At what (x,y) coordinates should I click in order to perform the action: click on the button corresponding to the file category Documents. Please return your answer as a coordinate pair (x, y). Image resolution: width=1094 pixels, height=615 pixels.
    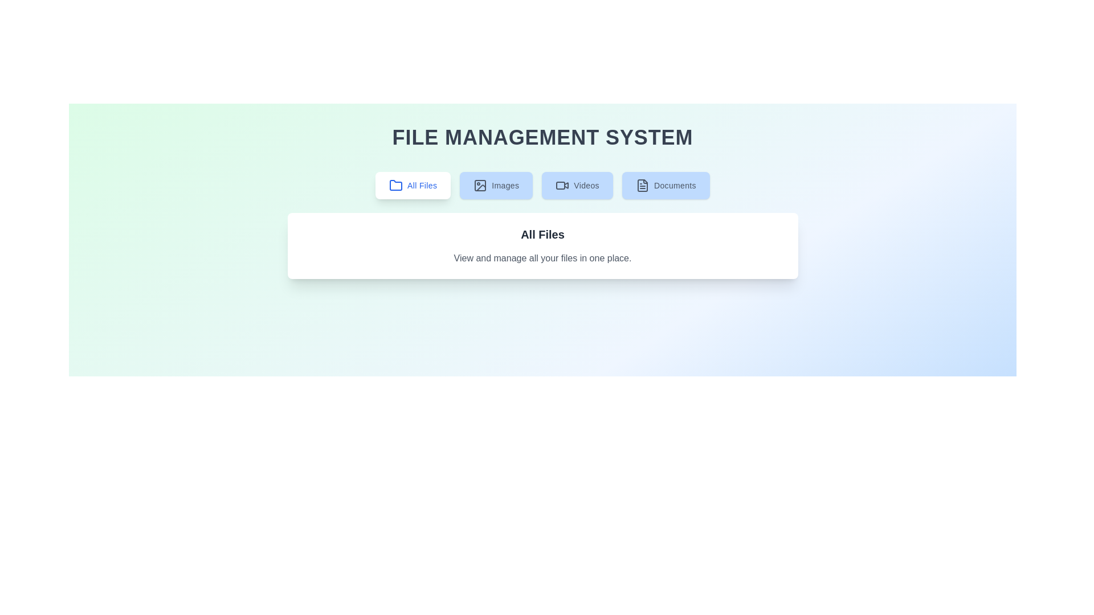
    Looking at the image, I should click on (666, 185).